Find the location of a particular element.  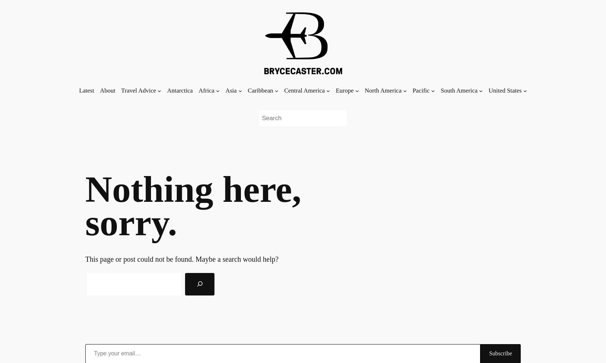

'Latest' is located at coordinates (78, 90).